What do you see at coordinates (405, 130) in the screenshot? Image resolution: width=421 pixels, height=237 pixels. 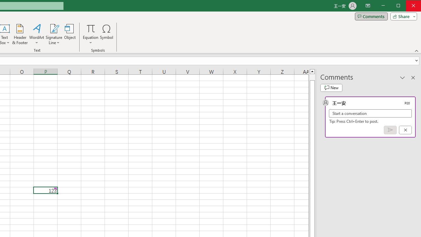 I see `'Cancel'` at bounding box center [405, 130].